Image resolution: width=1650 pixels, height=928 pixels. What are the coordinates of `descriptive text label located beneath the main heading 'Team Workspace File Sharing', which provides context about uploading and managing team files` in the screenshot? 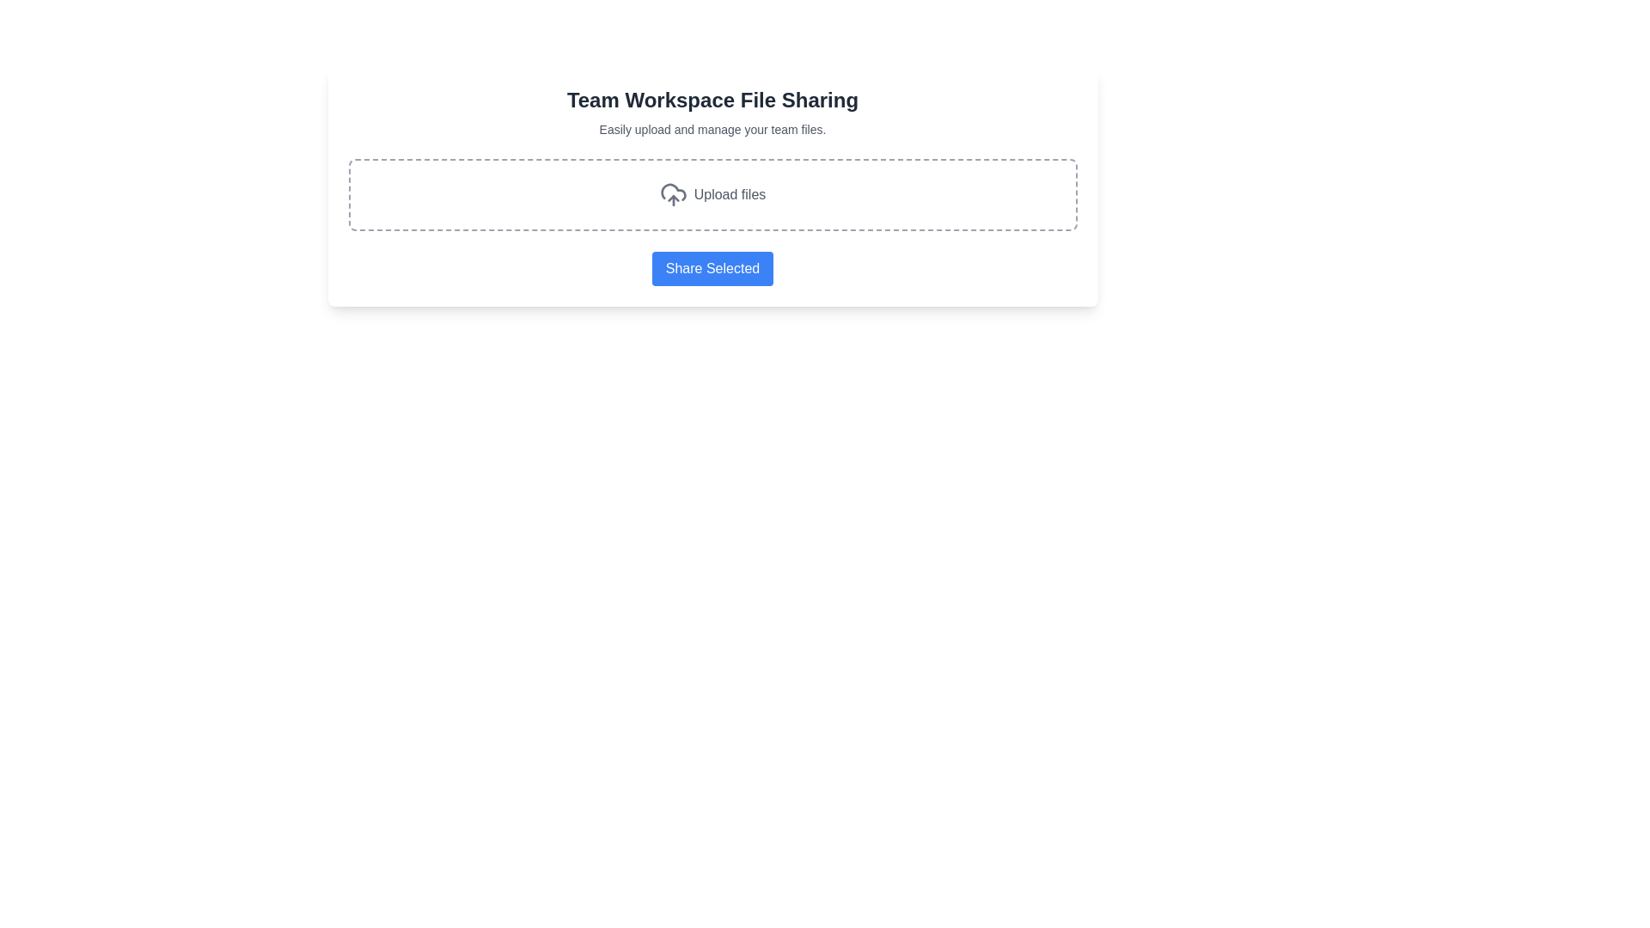 It's located at (712, 128).